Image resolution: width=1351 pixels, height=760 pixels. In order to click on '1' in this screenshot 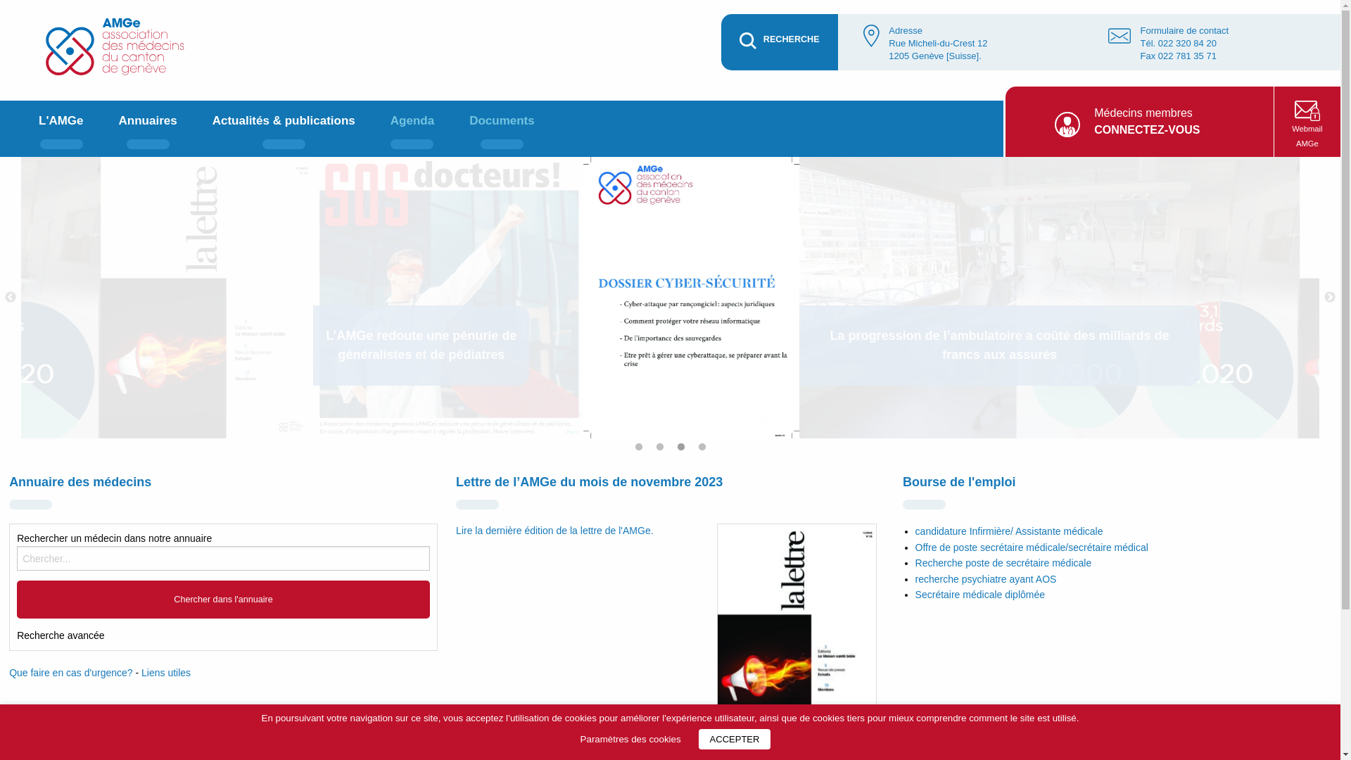, I will do `click(642, 451)`.